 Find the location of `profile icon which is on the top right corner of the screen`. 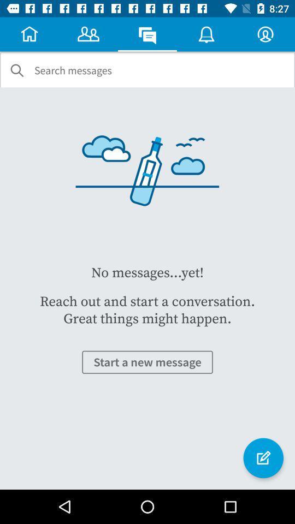

profile icon which is on the top right corner of the screen is located at coordinates (265, 34).